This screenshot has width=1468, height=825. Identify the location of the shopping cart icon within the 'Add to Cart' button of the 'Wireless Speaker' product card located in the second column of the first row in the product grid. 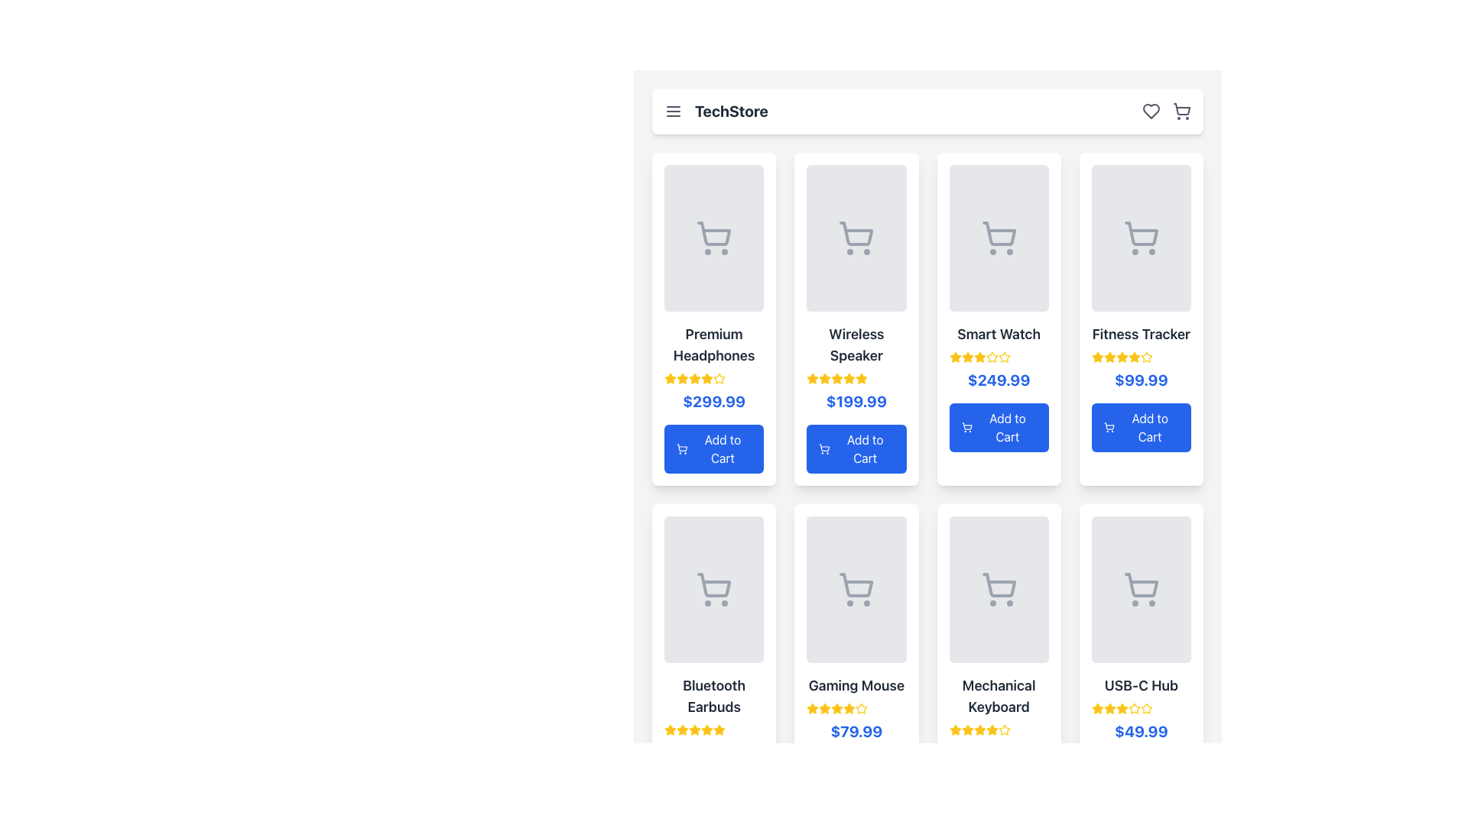
(823, 447).